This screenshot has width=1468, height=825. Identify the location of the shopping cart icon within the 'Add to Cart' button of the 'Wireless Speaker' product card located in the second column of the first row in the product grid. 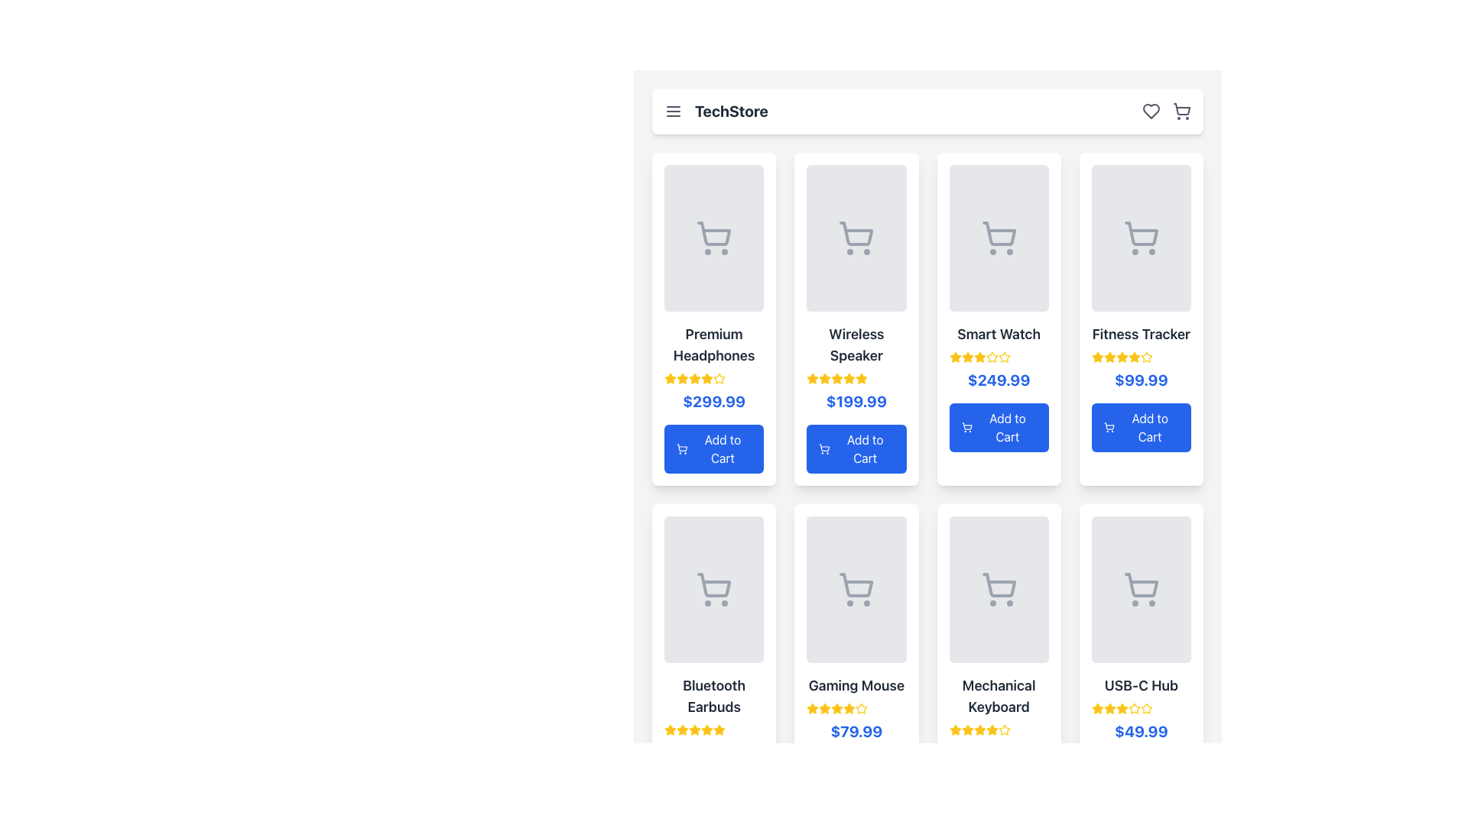
(823, 447).